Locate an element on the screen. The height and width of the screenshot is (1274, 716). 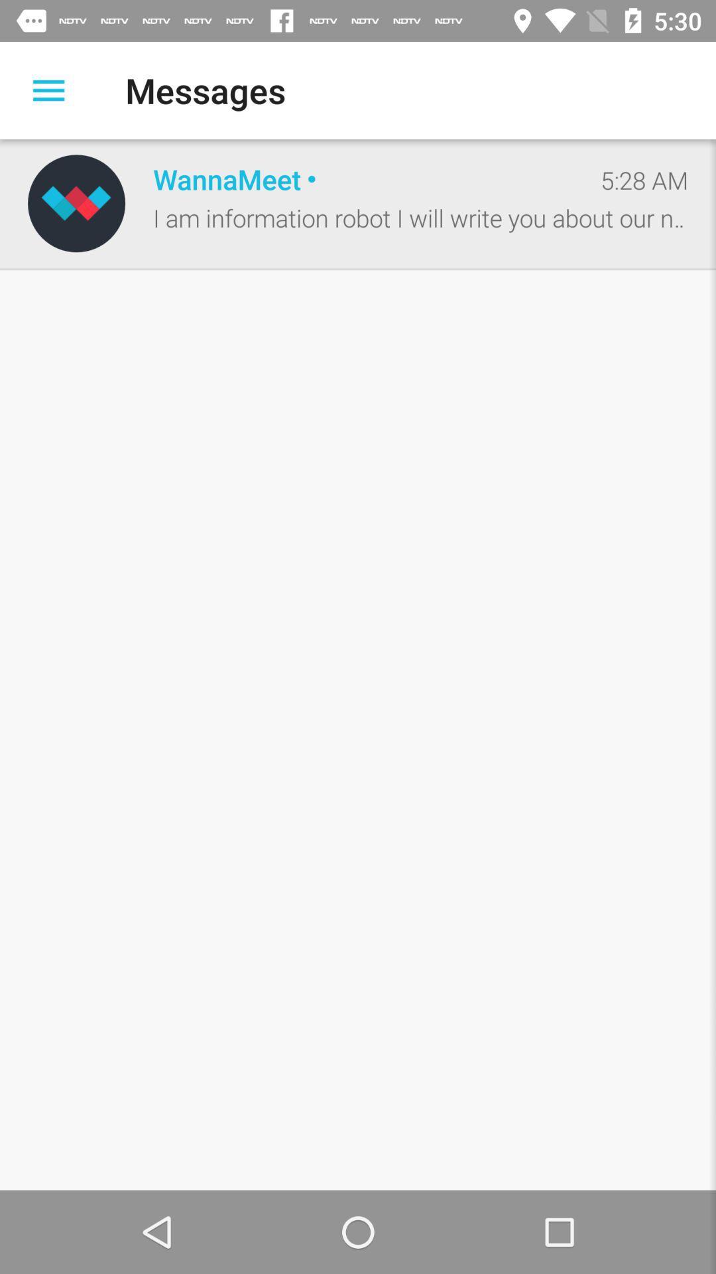
icon to the left of wannameet   icon is located at coordinates (76, 202).